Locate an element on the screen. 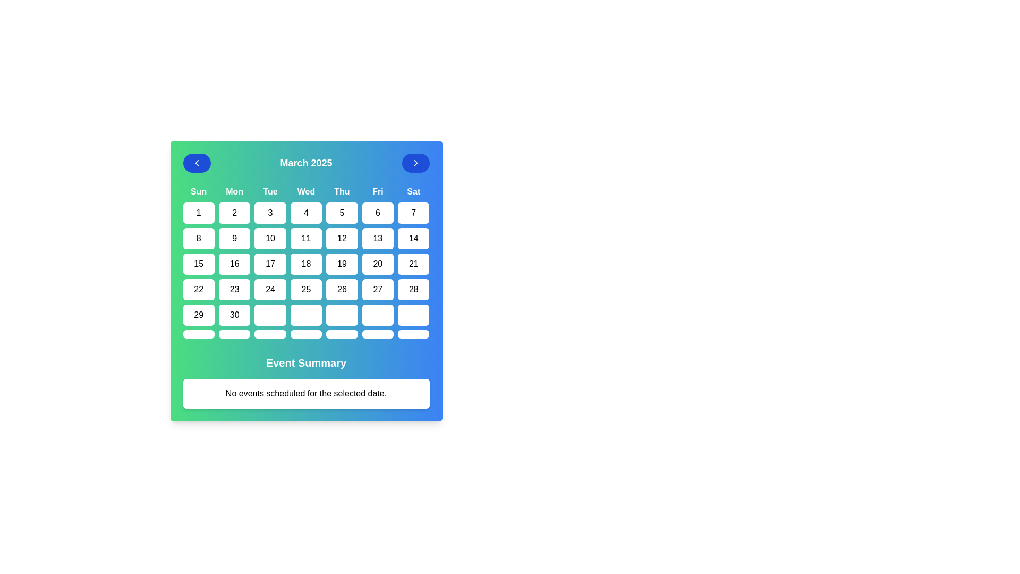 Image resolution: width=1020 pixels, height=574 pixels. the rounded white button displaying the numeric value '9' in the calendar grid is located at coordinates (234, 238).